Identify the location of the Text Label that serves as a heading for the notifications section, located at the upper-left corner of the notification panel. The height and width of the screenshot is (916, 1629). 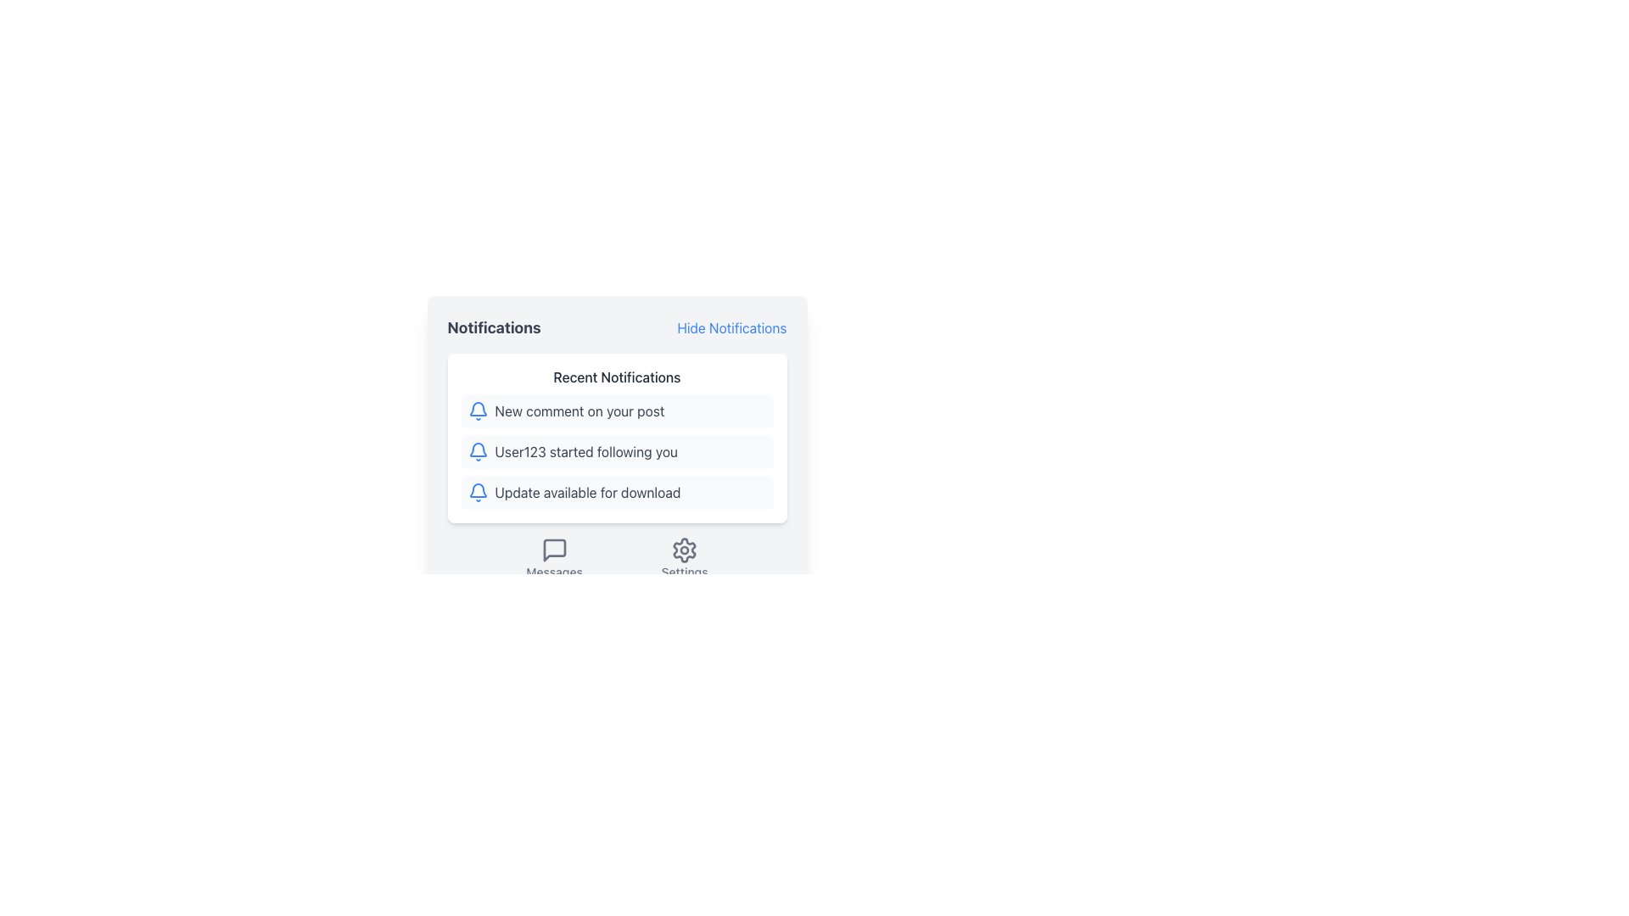
(493, 327).